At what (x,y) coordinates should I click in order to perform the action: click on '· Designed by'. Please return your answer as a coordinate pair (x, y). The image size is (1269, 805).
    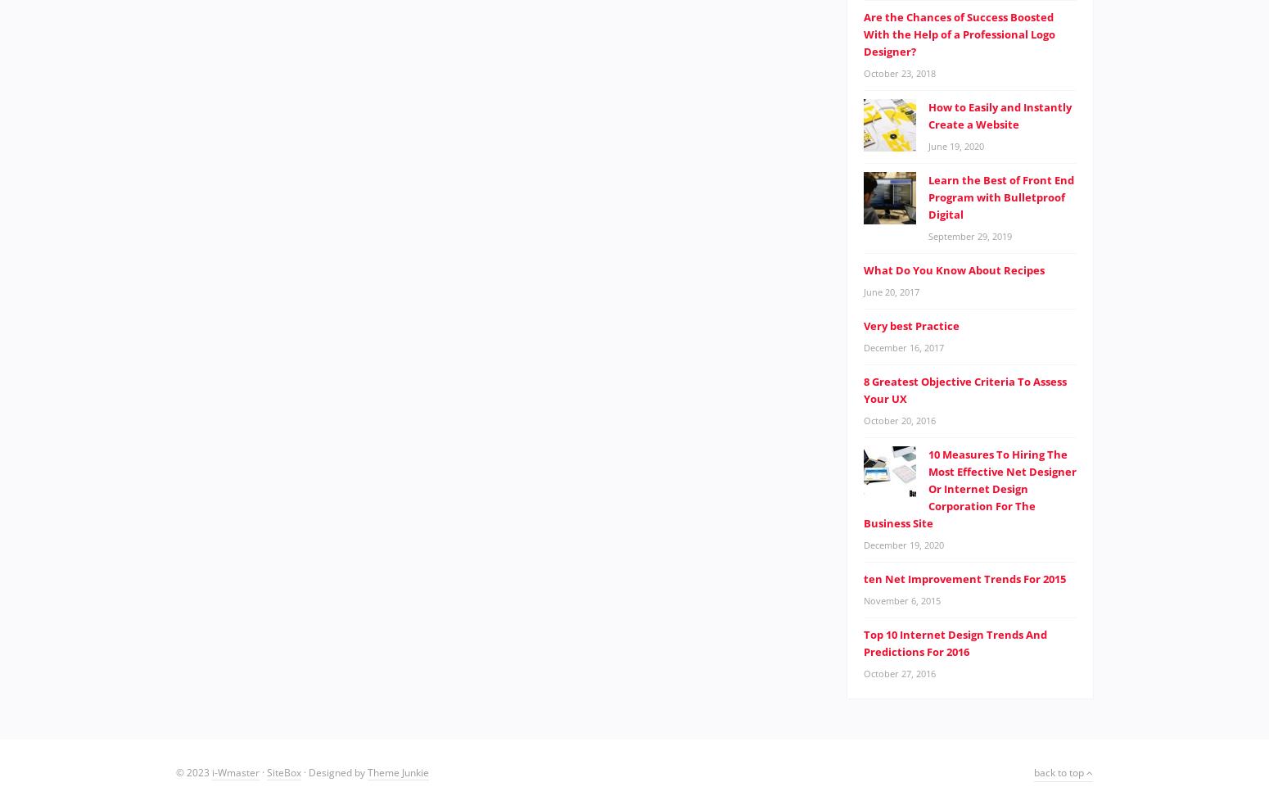
    Looking at the image, I should click on (334, 771).